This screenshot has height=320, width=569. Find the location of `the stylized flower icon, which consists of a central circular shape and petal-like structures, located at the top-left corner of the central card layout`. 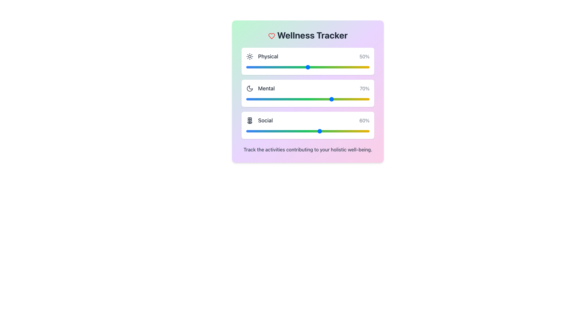

the stylized flower icon, which consists of a central circular shape and petal-like structures, located at the top-left corner of the central card layout is located at coordinates (250, 119).